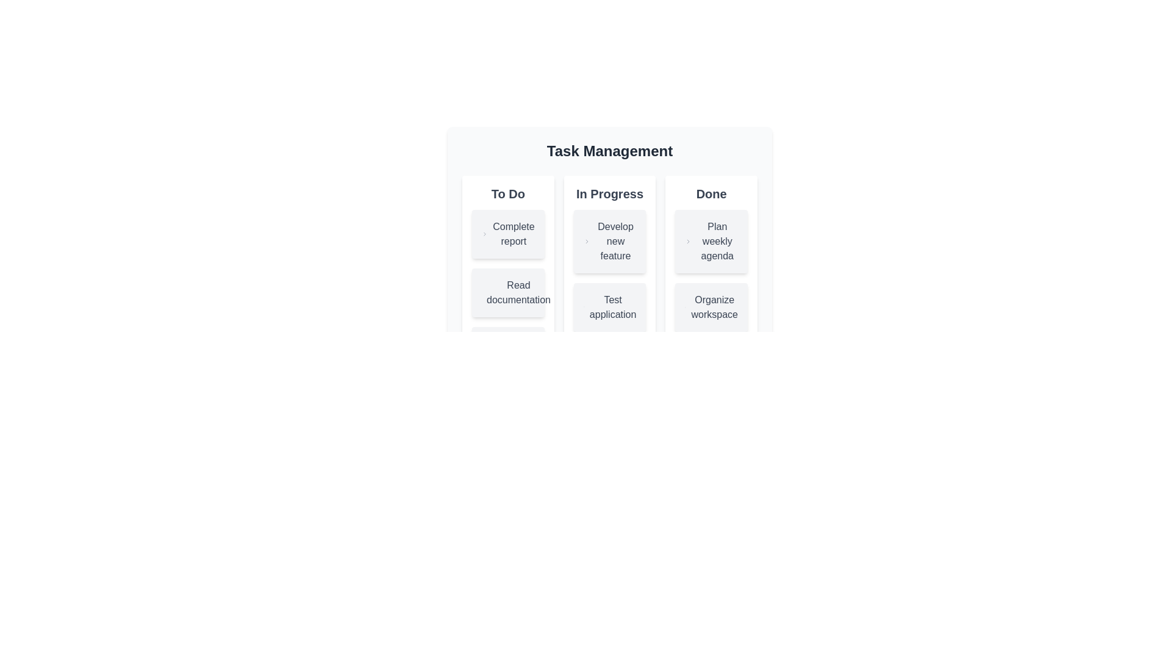 Image resolution: width=1171 pixels, height=659 pixels. What do you see at coordinates (615, 242) in the screenshot?
I see `the text label that reads 'Develop new feature' in the 'In Progress' column of the 'Task Management' interface` at bounding box center [615, 242].